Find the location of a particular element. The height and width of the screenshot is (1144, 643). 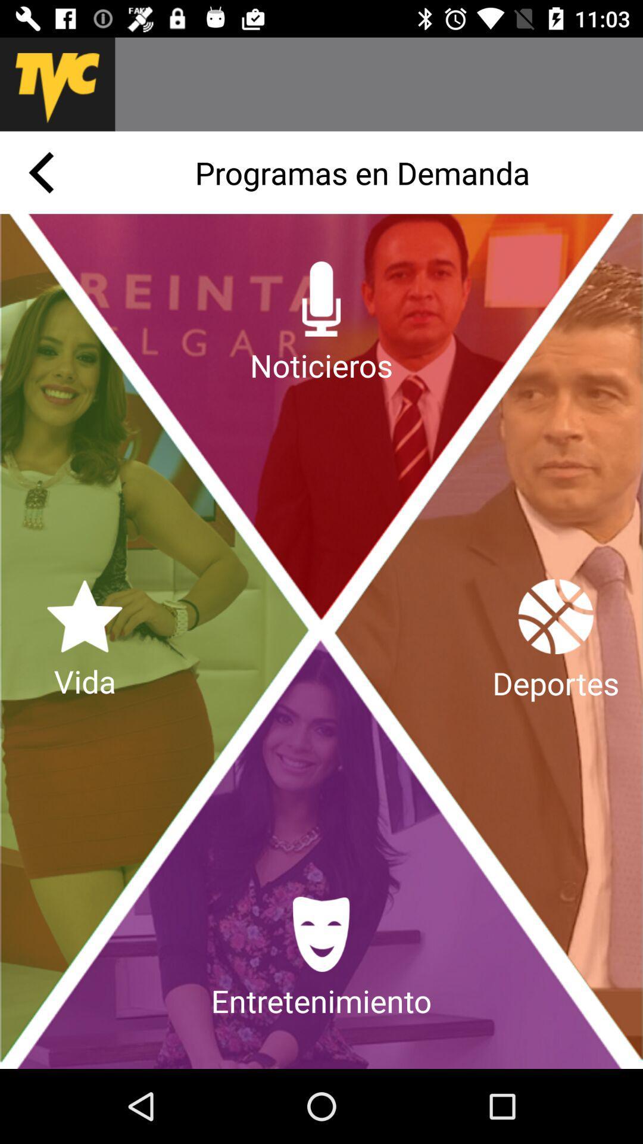

item to the right of the vida icon is located at coordinates (555, 641).